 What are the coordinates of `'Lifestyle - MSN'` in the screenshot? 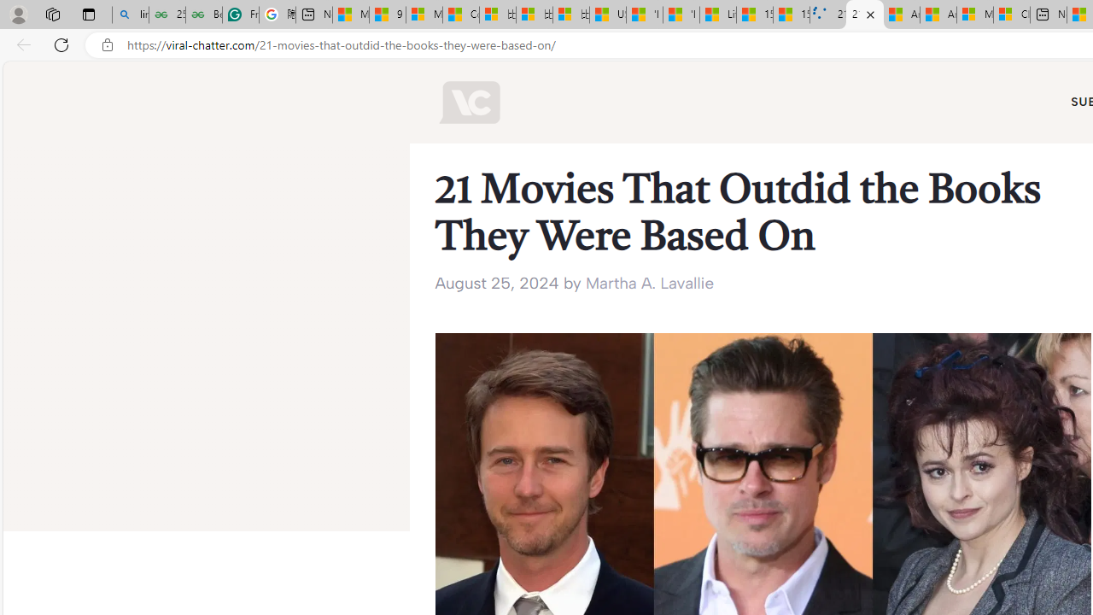 It's located at (717, 15).